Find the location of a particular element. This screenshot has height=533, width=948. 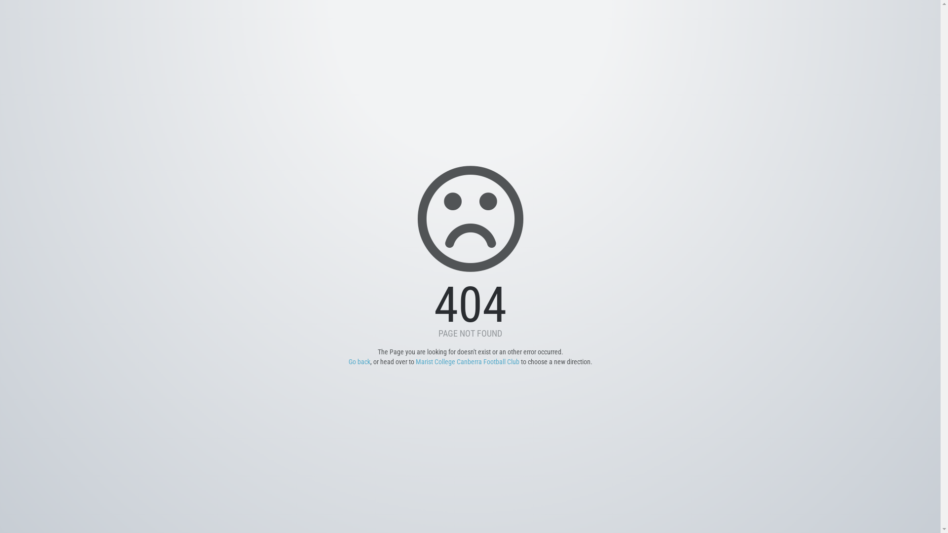

'Marist College Canberra Football Club' is located at coordinates (468, 361).